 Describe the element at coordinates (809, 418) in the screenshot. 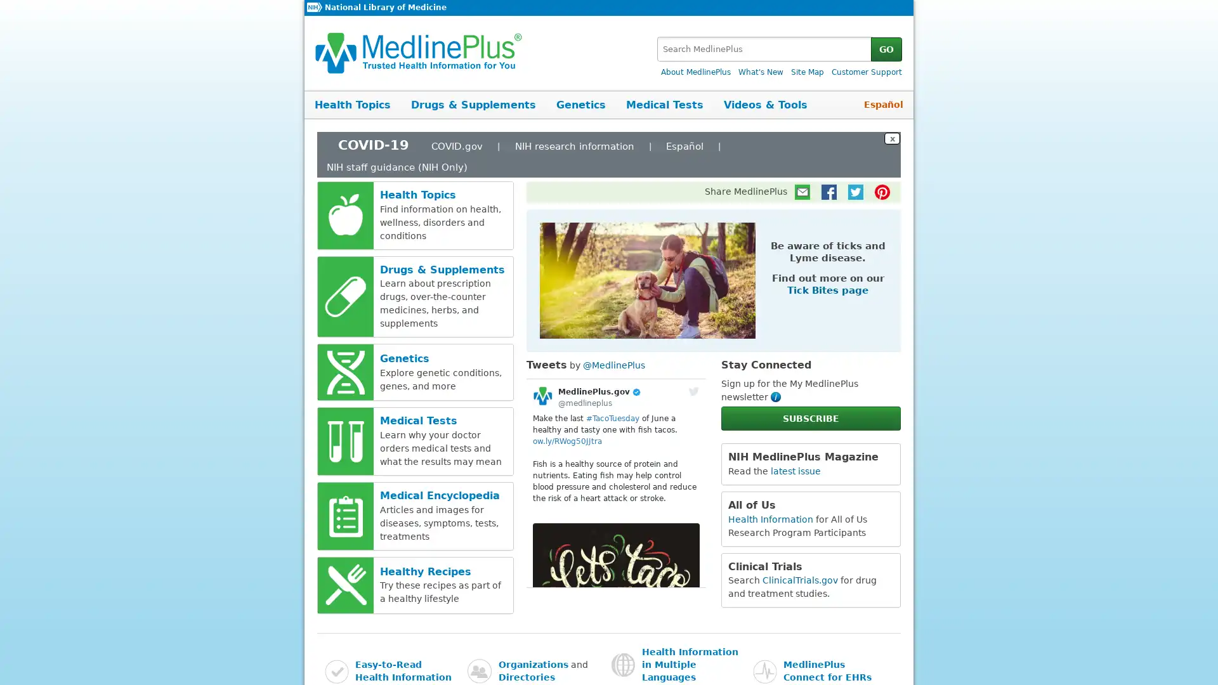

I see `SUBSCRIBE` at that location.